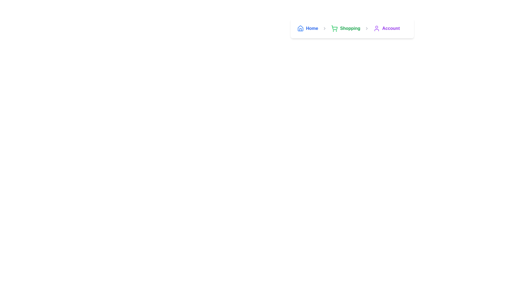 The height and width of the screenshot is (296, 526). Describe the element at coordinates (352, 29) in the screenshot. I see `the green-colored shopping cart icon with the text 'Shopping' in bold green font, which is the second item in the breadcrumb navigation bar` at that location.